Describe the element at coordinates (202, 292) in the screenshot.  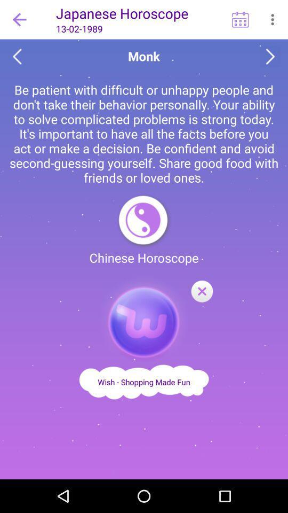
I see `button` at that location.